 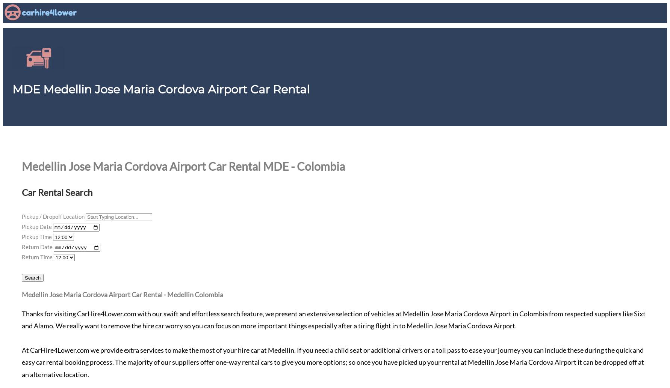 I want to click on 'Return Time', so click(x=37, y=256).